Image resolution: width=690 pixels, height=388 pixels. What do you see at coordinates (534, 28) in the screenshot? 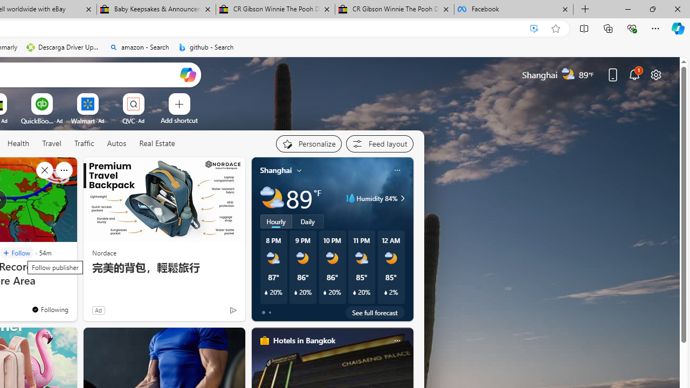
I see `'Enhance video'` at bounding box center [534, 28].